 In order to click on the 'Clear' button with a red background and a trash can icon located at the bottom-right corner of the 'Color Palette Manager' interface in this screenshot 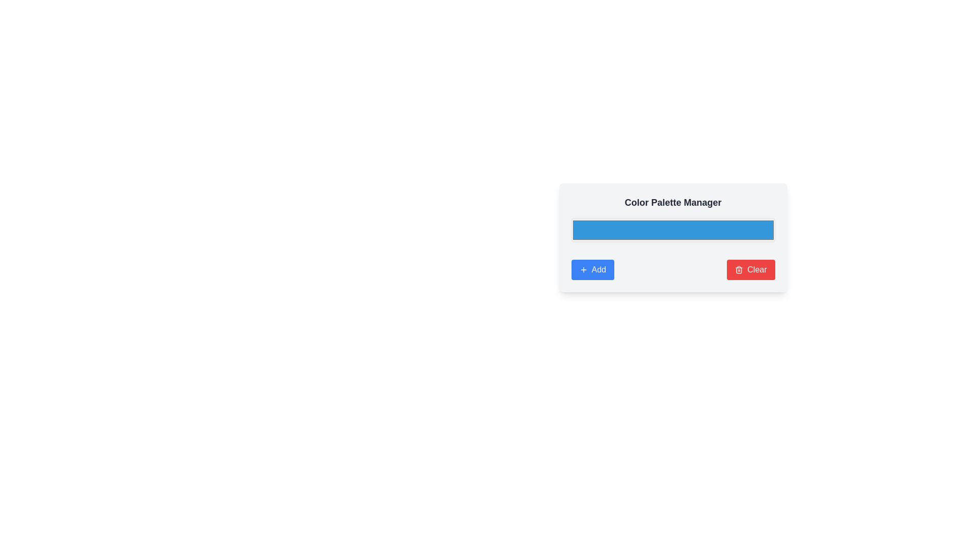, I will do `click(751, 269)`.